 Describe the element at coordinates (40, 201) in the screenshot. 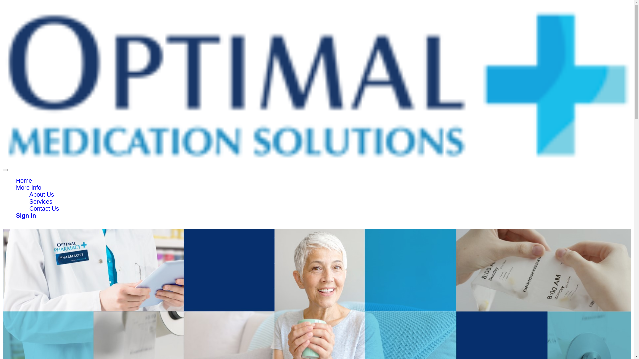

I see `'Services'` at that location.